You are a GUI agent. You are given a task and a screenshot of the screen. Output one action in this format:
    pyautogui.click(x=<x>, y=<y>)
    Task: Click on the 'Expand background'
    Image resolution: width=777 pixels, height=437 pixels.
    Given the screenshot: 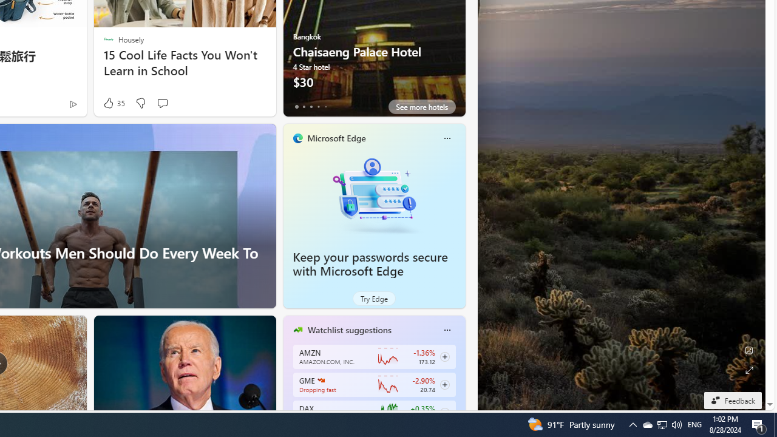 What is the action you would take?
    pyautogui.click(x=748, y=370)
    